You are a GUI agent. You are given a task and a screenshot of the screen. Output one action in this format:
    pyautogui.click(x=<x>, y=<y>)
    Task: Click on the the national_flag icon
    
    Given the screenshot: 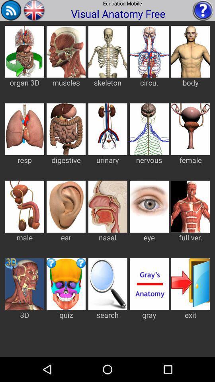 What is the action you would take?
    pyautogui.click(x=33, y=10)
    